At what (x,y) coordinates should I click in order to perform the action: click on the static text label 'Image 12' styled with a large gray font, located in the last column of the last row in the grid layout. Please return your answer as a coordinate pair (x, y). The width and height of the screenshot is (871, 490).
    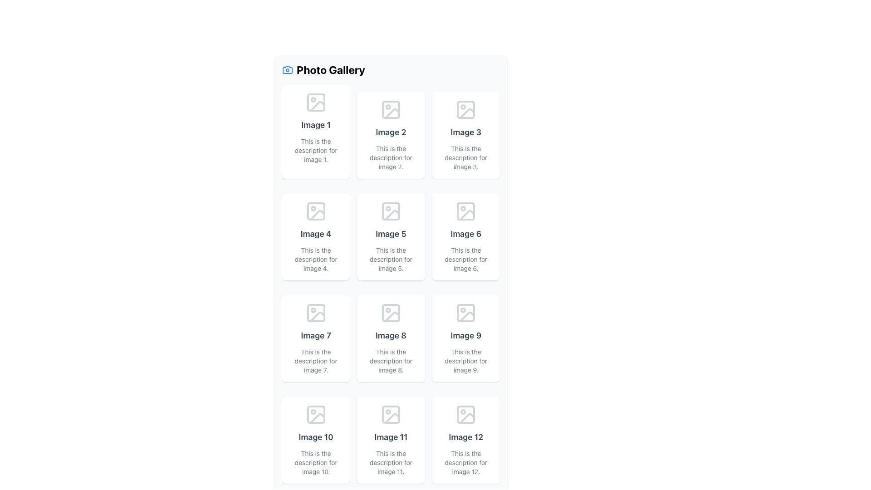
    Looking at the image, I should click on (466, 437).